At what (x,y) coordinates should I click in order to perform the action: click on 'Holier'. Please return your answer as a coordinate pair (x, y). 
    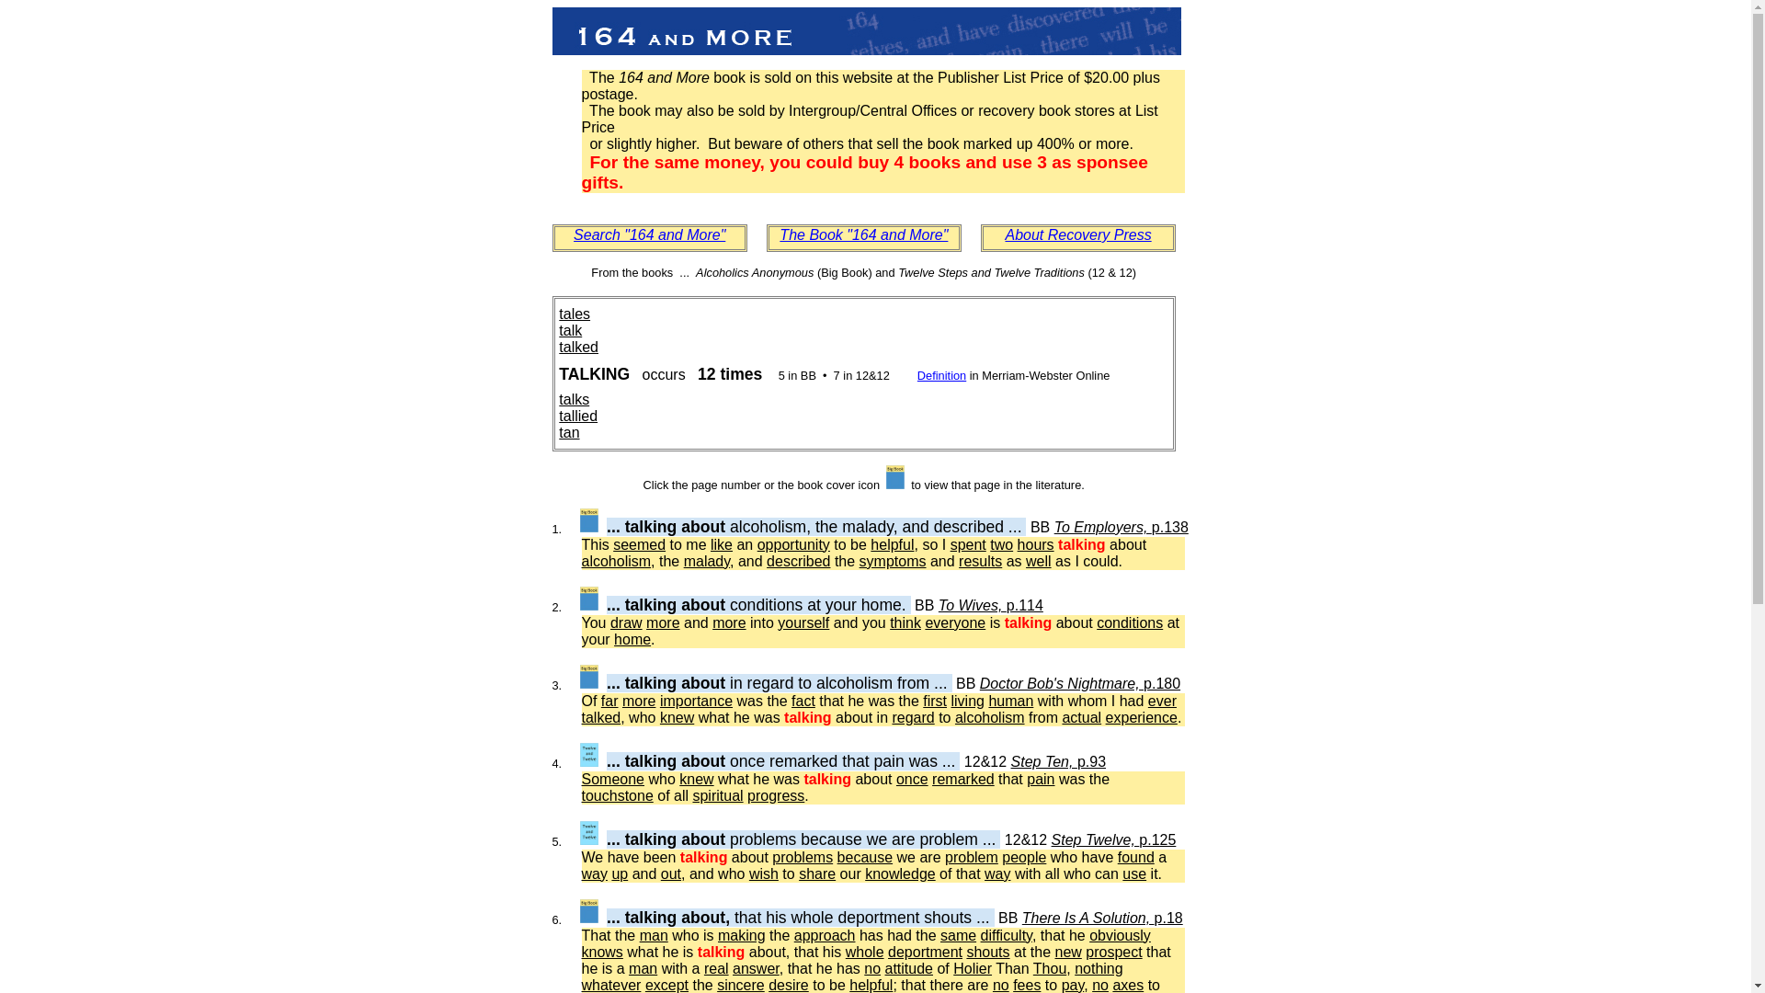
    Looking at the image, I should click on (971, 967).